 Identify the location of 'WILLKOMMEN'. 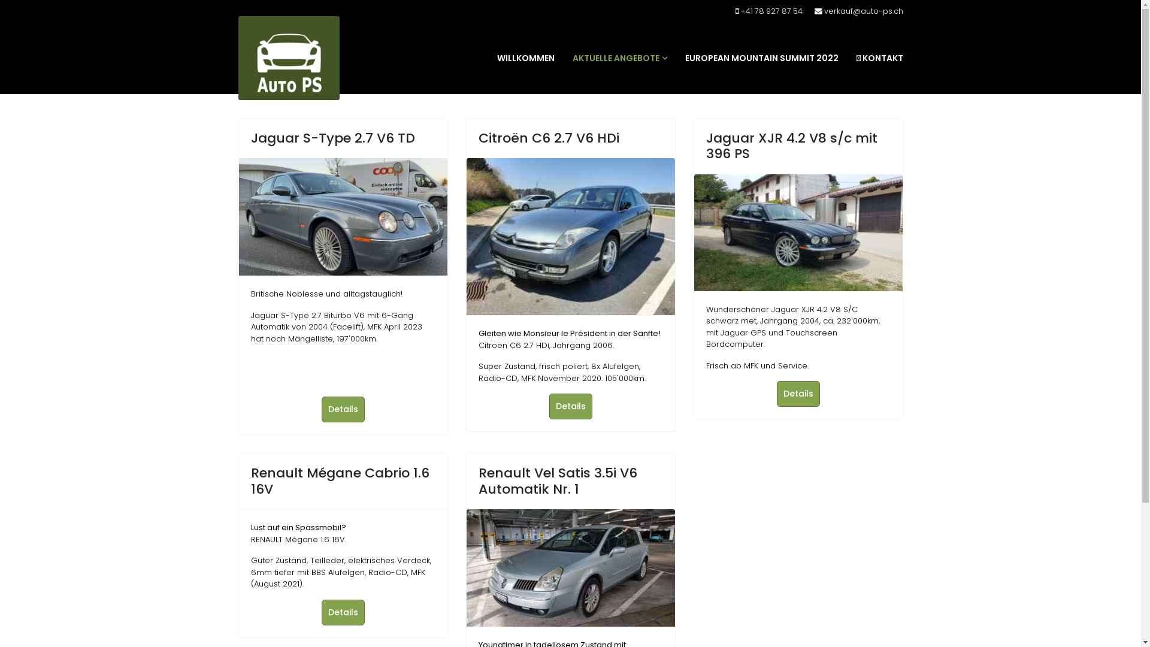
(525, 58).